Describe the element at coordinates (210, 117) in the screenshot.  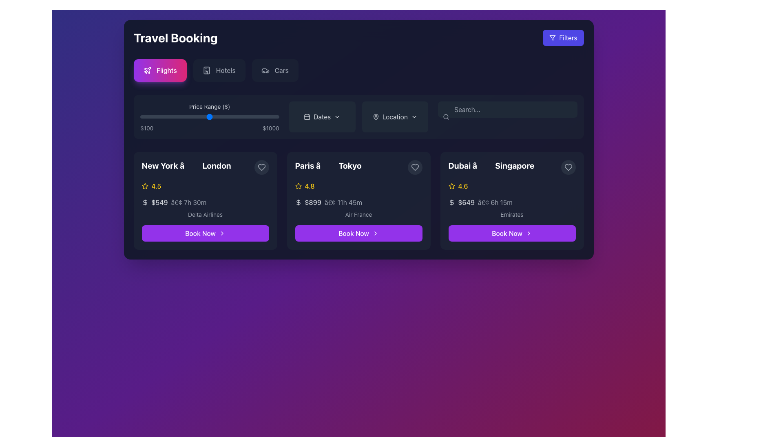
I see `the handle of the range slider component` at that location.